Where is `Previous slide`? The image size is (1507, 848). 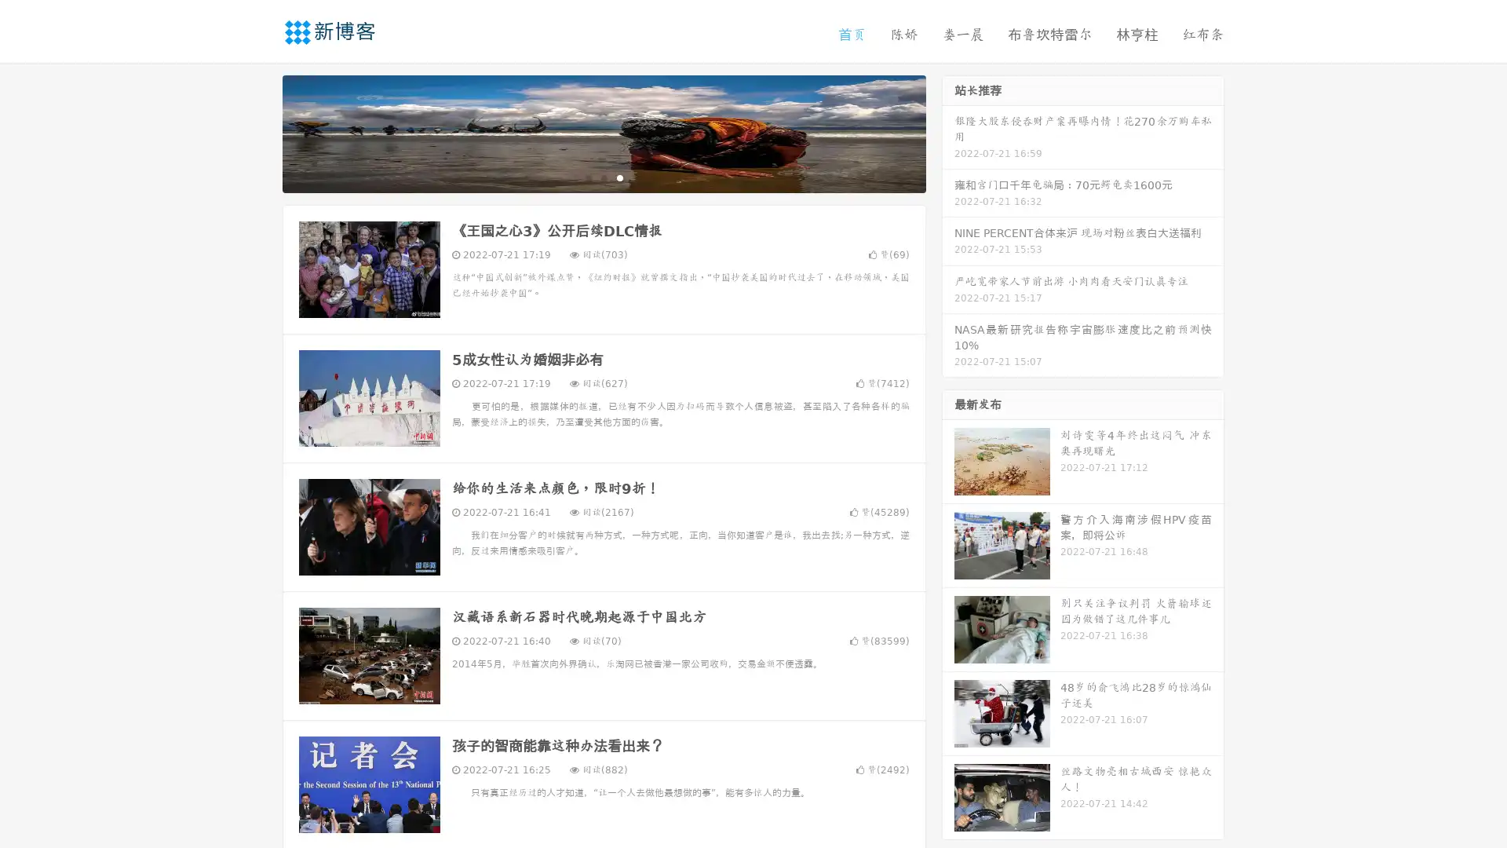 Previous slide is located at coordinates (259, 132).